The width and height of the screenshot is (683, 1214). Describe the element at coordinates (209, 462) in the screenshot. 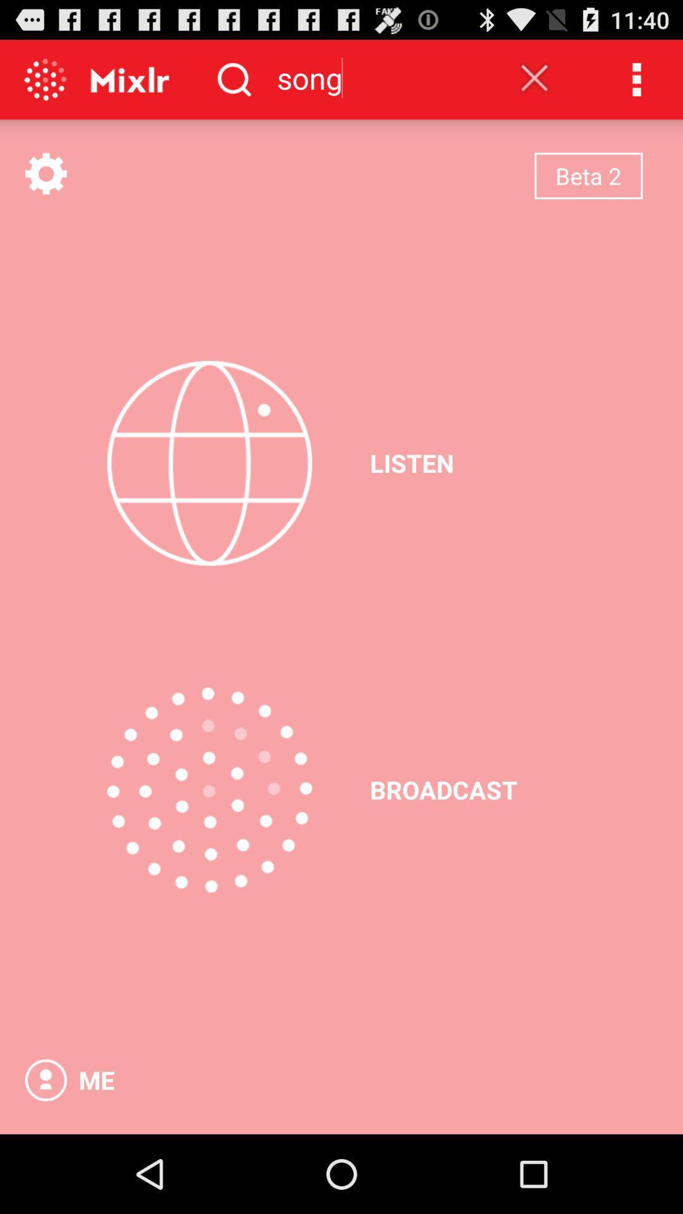

I see `please press the first button to listen to the song` at that location.